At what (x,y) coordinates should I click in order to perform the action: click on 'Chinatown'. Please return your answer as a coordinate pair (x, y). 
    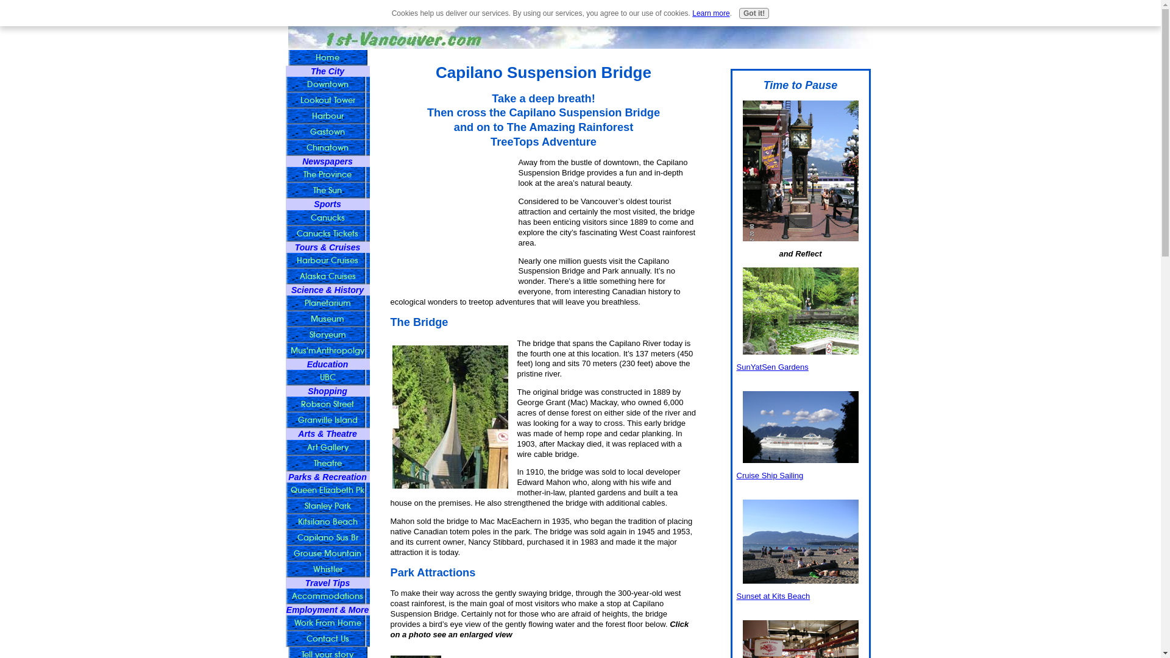
    Looking at the image, I should click on (327, 147).